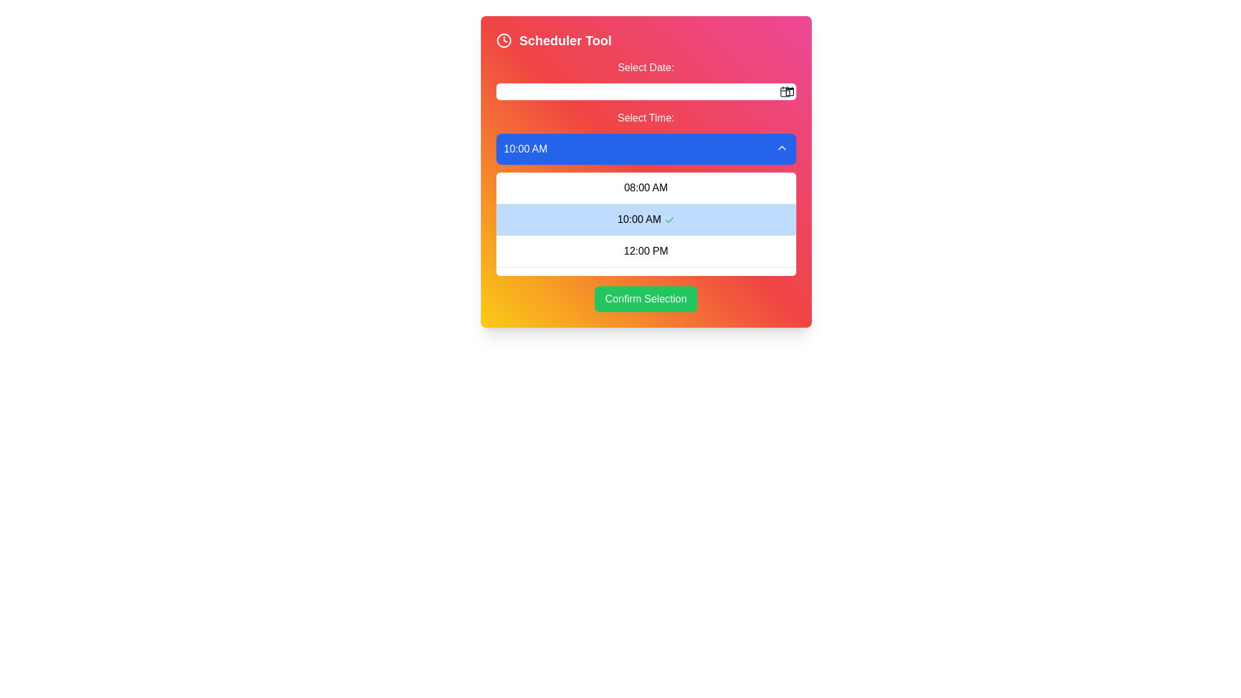 This screenshot has height=698, width=1241. What do you see at coordinates (781, 147) in the screenshot?
I see `the collapse icon located on the far right side of the blue button labeled '10:00 AM' to minimize the dropdown menu options` at bounding box center [781, 147].